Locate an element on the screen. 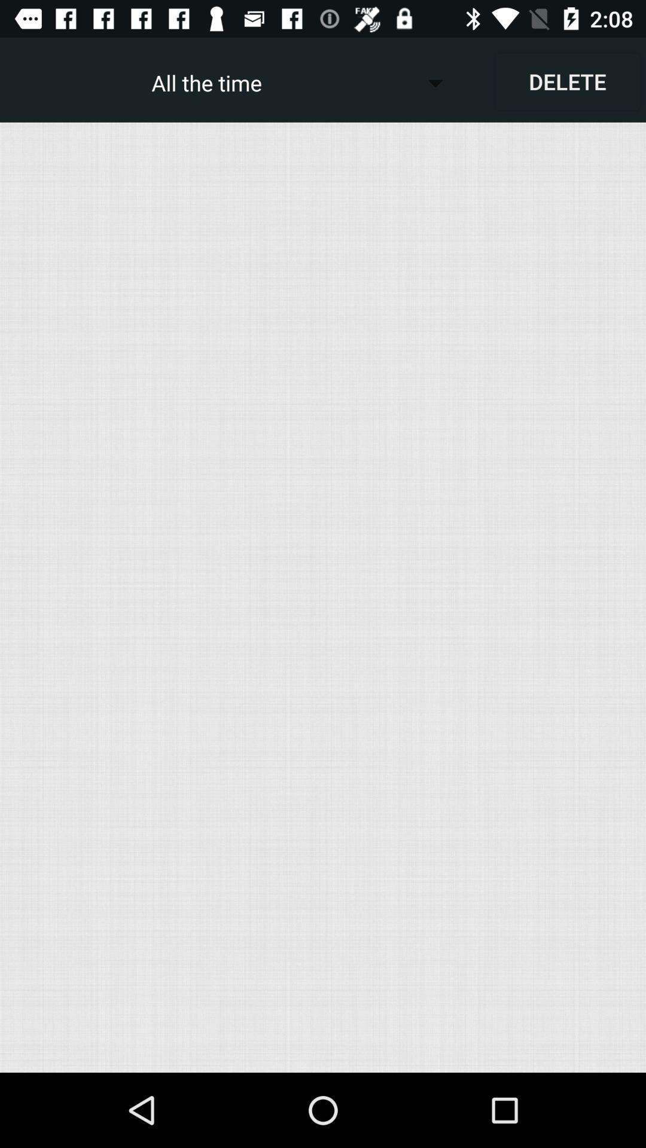 The height and width of the screenshot is (1148, 646). the item below the delete item is located at coordinates (323, 597).